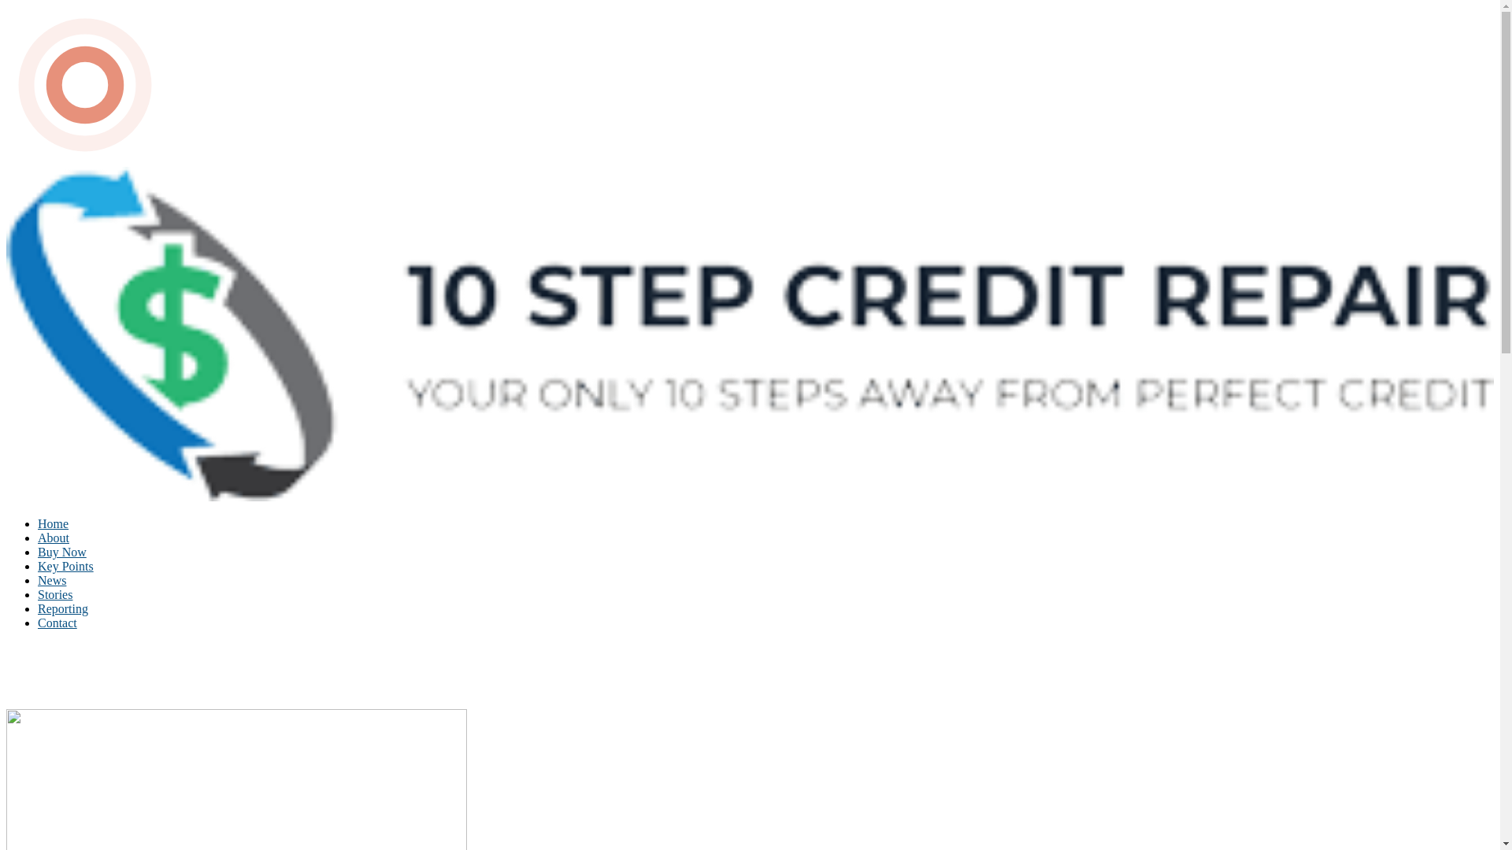 Image resolution: width=1512 pixels, height=850 pixels. What do you see at coordinates (65, 565) in the screenshot?
I see `'Key Points'` at bounding box center [65, 565].